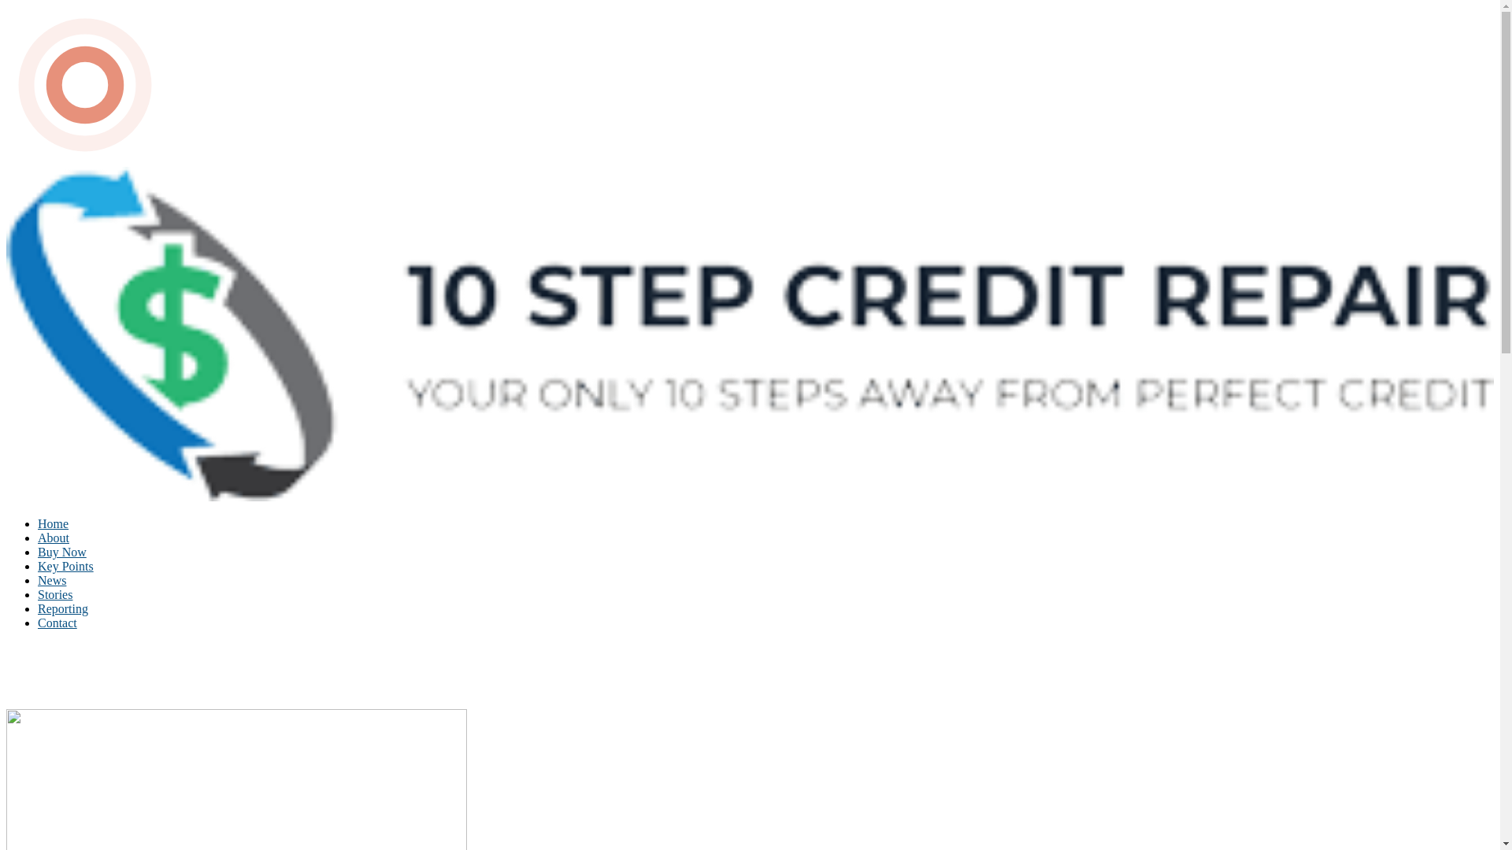 Image resolution: width=1512 pixels, height=850 pixels. What do you see at coordinates (65, 565) in the screenshot?
I see `'Key Points'` at bounding box center [65, 565].